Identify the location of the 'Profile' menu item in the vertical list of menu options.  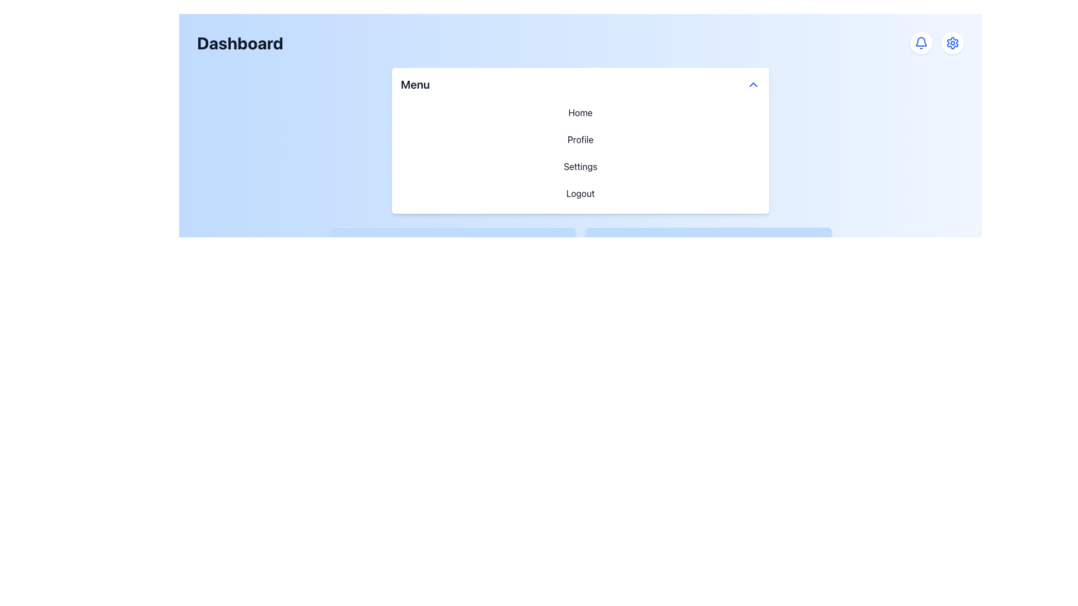
(580, 153).